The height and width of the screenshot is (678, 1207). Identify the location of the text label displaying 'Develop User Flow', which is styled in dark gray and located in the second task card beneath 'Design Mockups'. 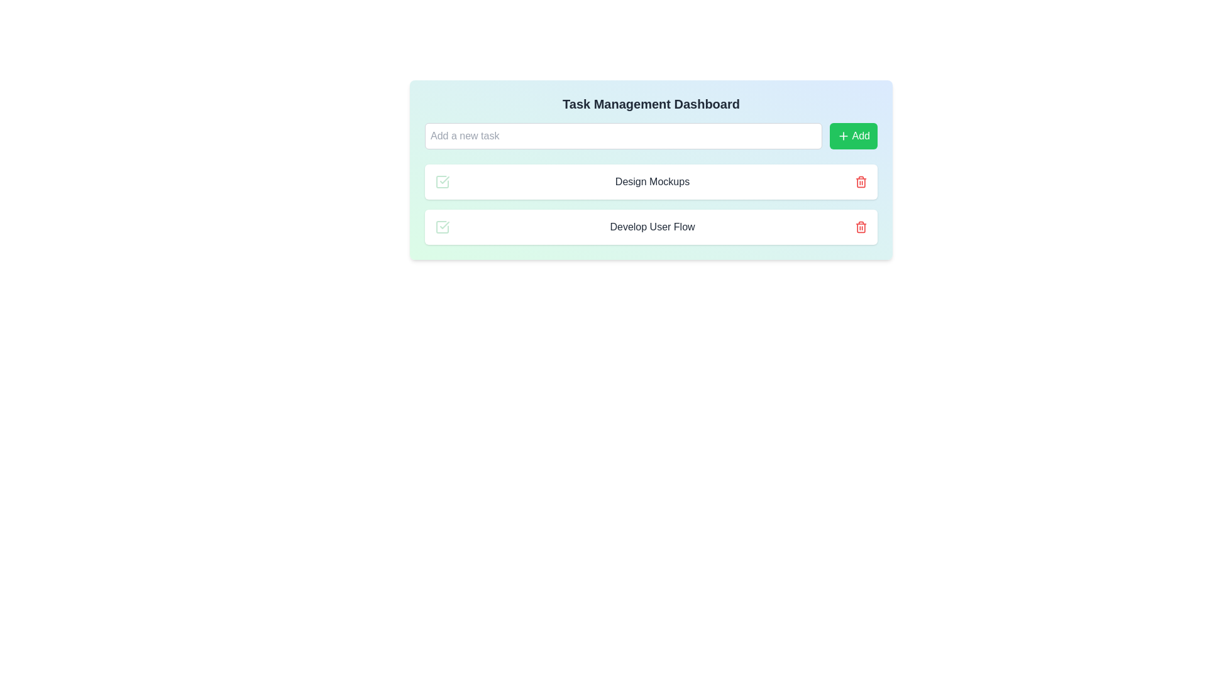
(652, 227).